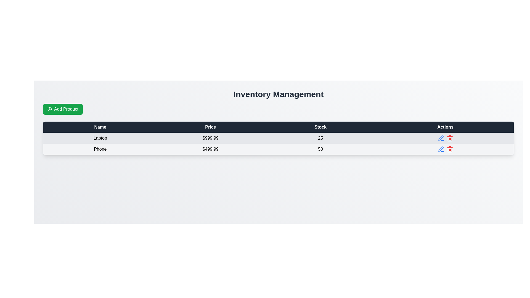 The image size is (530, 298). I want to click on the Text label (header) displaying 'Name', which is the first header in a tabular structure with a dark blue background, so click(100, 127).